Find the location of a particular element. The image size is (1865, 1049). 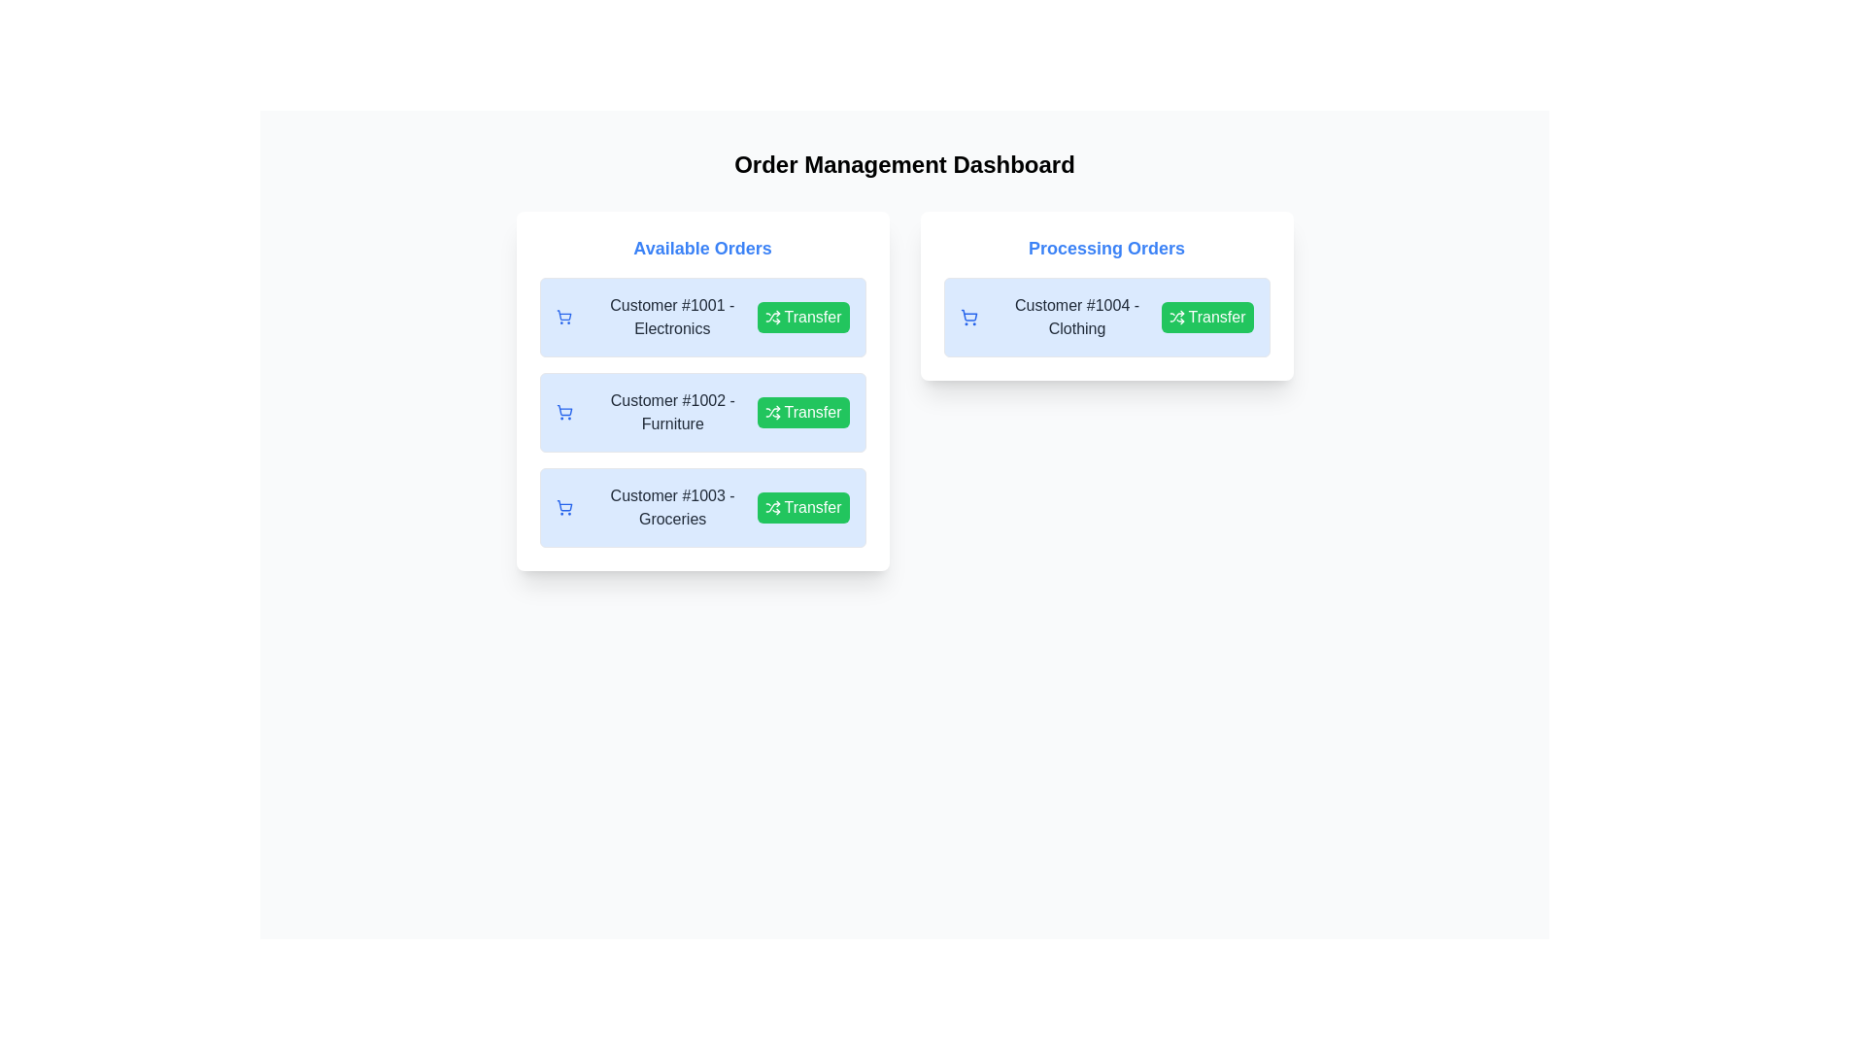

the 'Transfer' button is located at coordinates (802, 411).